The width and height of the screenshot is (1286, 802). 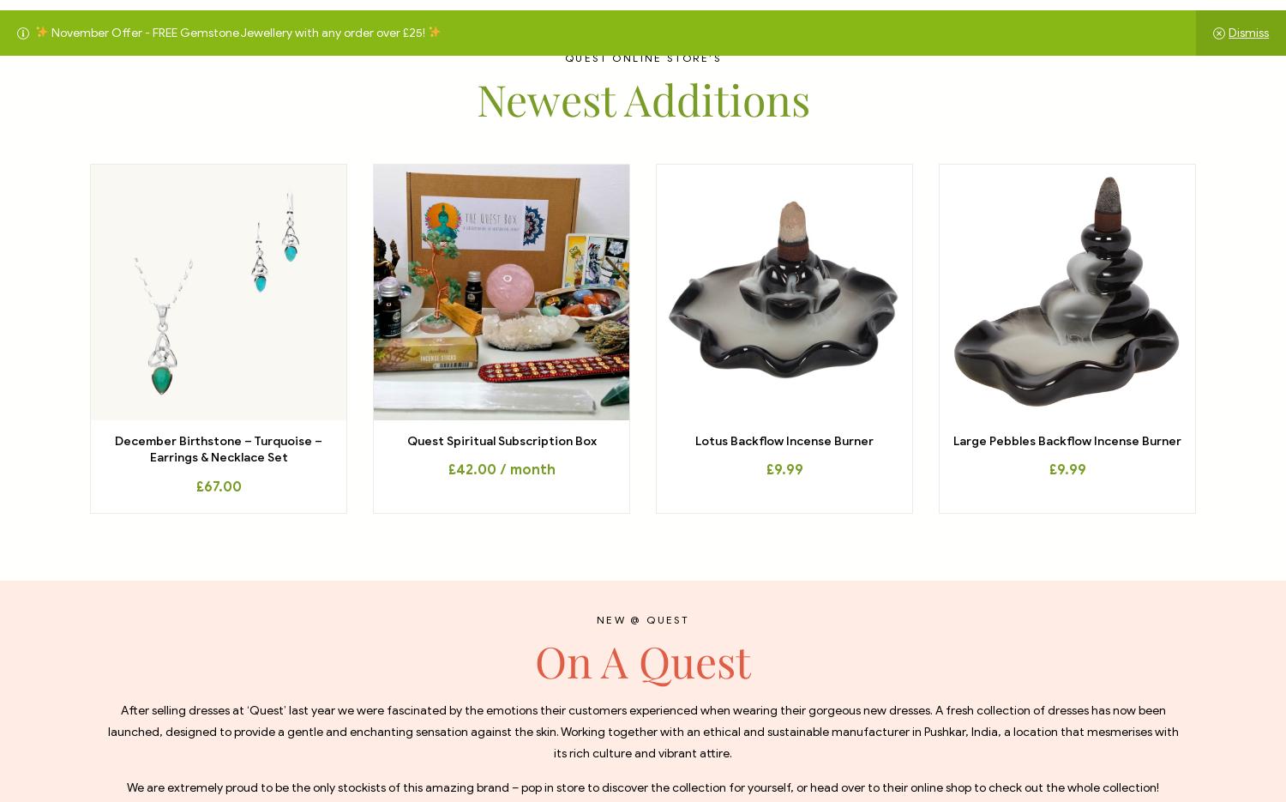 I want to click on 'NEW @ QUEST', so click(x=641, y=618).